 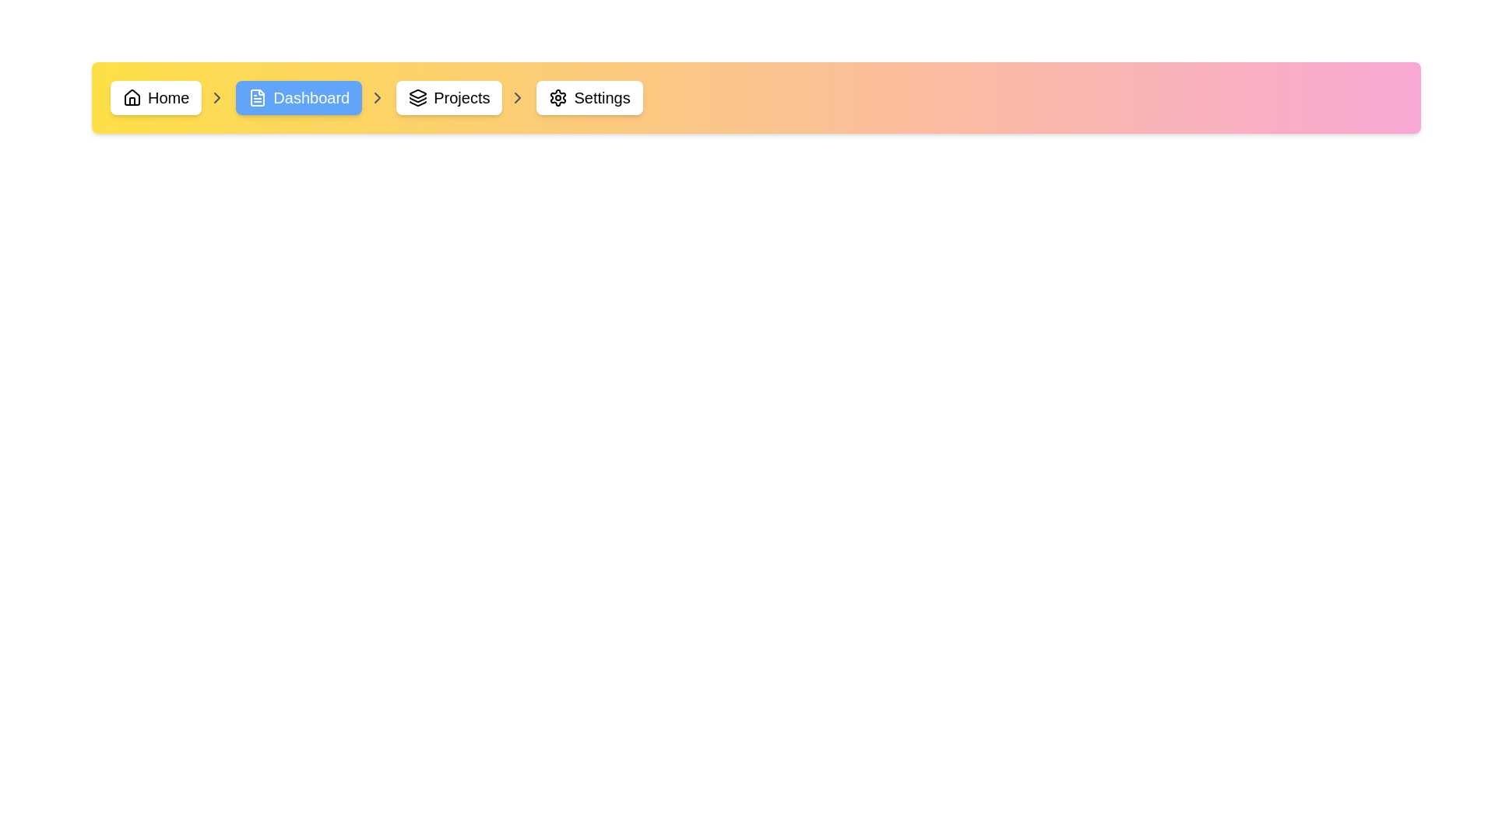 What do you see at coordinates (378, 98) in the screenshot?
I see `the small right-pointing arrow icon in the breadcrumb navigation bar, located between the 'Dashboard' and 'Projects' items` at bounding box center [378, 98].